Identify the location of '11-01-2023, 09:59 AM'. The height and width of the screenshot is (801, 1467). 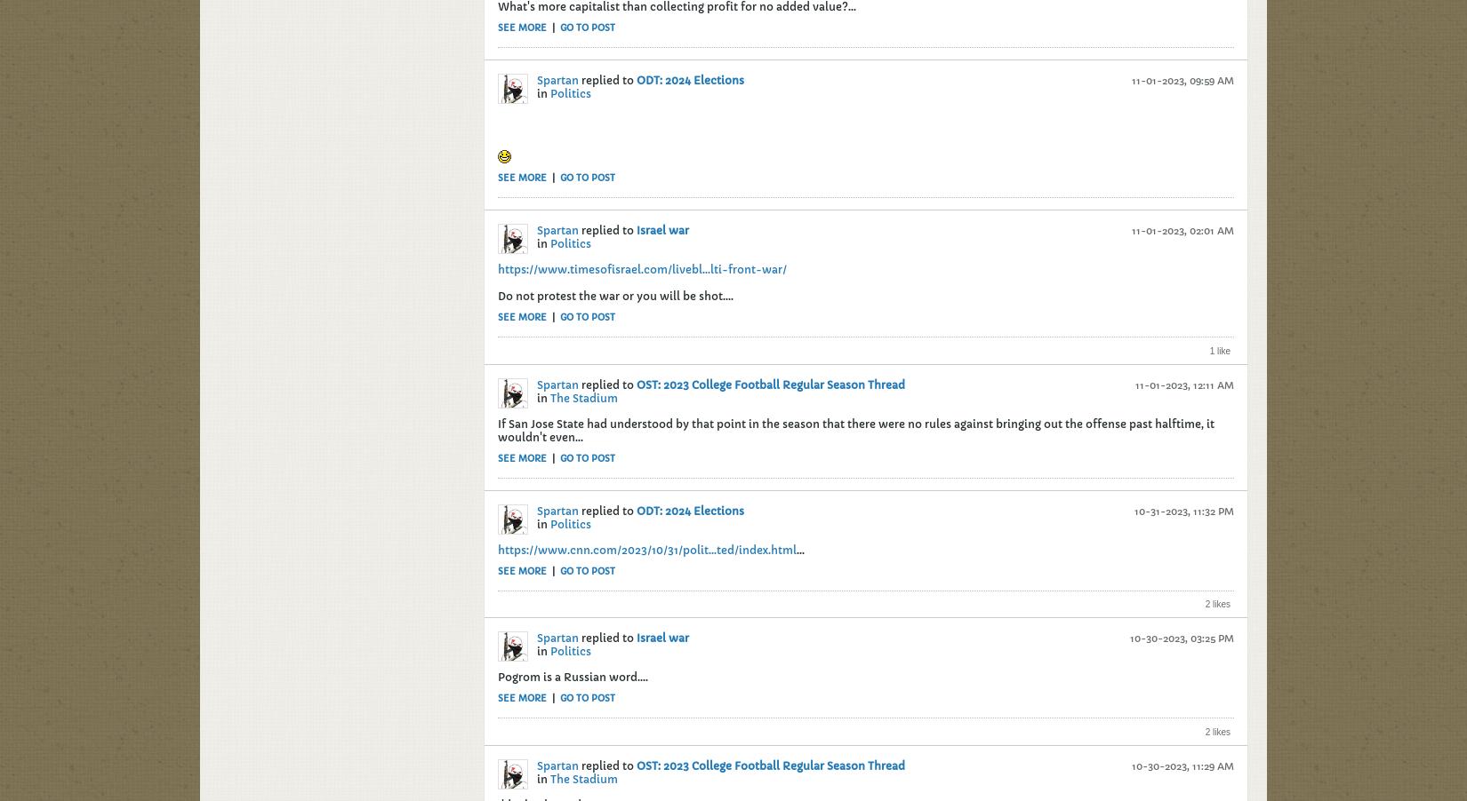
(1182, 80).